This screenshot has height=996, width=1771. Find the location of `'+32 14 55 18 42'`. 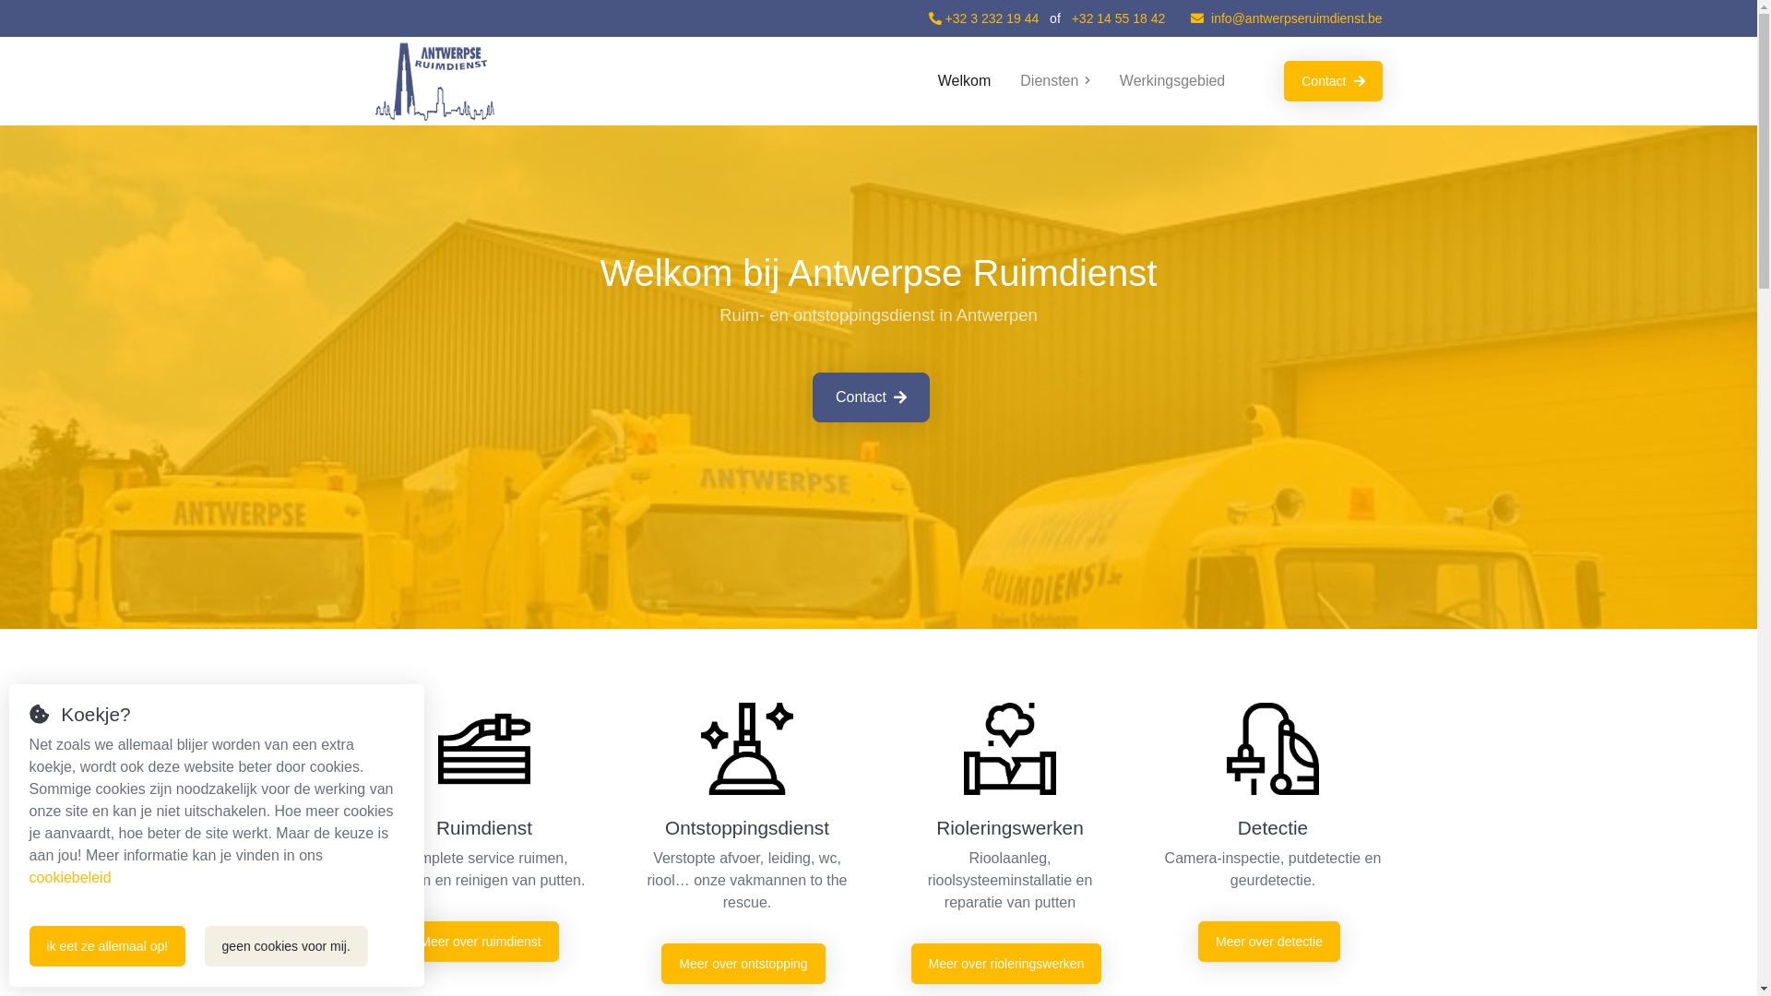

'+32 14 55 18 42' is located at coordinates (1071, 18).